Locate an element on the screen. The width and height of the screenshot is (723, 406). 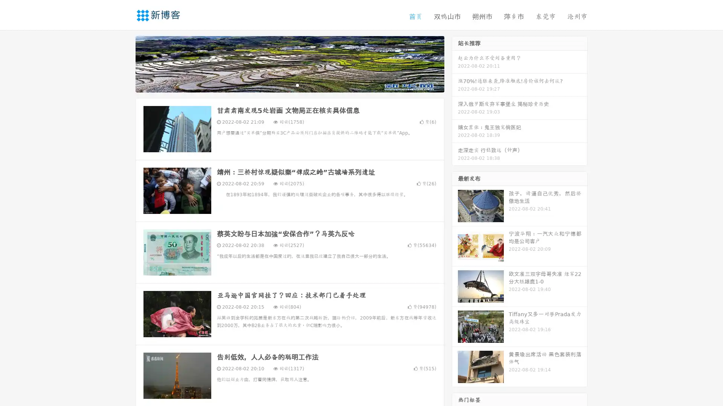
Go to slide 1 is located at coordinates (282, 85).